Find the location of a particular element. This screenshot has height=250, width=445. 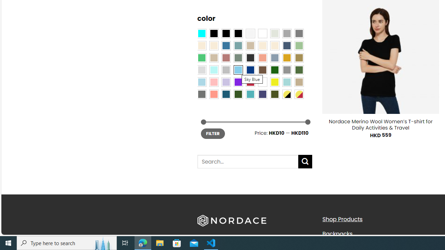

'Light Taupe' is located at coordinates (213, 57).